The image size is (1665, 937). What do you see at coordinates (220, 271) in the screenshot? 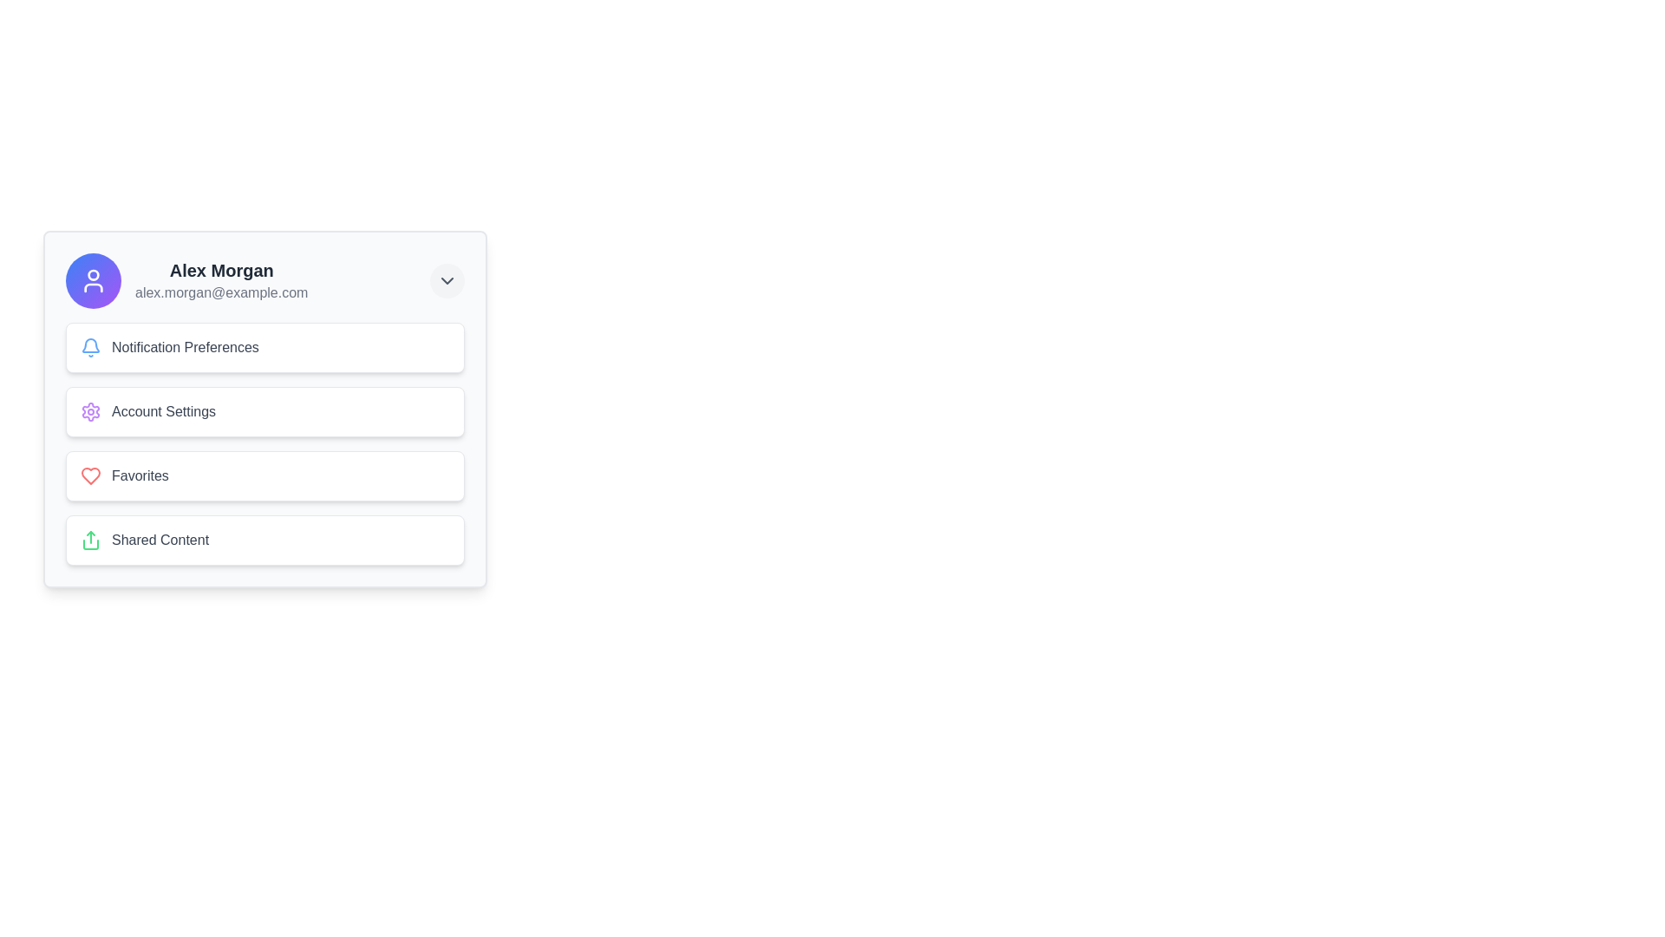
I see `the Text label displaying 'Alex Morgan', which is styled in a larger, bold font and located near the top of the card interface` at bounding box center [220, 271].